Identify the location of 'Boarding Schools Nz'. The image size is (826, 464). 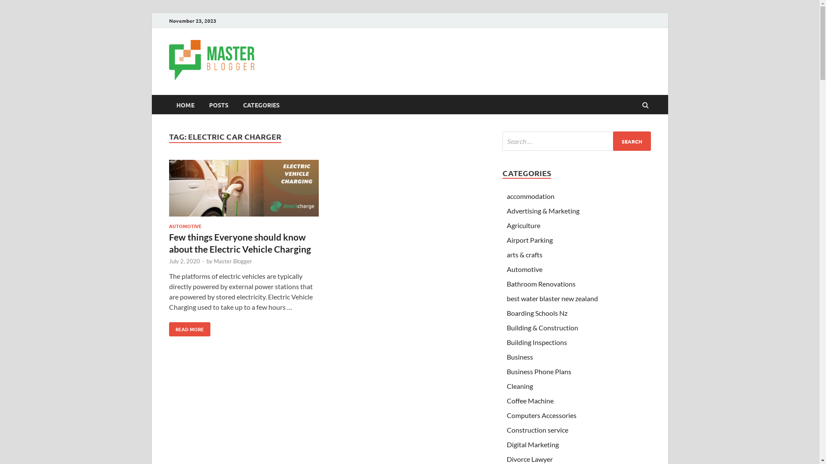
(506, 313).